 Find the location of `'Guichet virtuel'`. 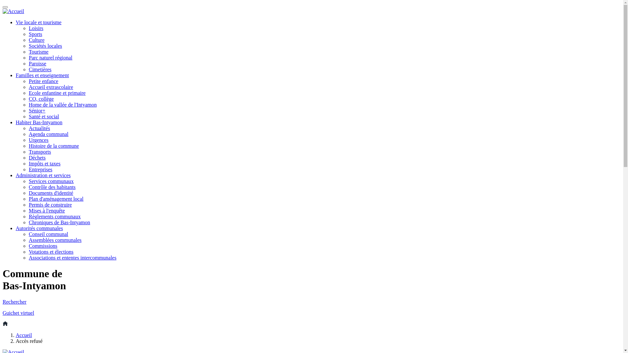

'Guichet virtuel' is located at coordinates (3, 312).